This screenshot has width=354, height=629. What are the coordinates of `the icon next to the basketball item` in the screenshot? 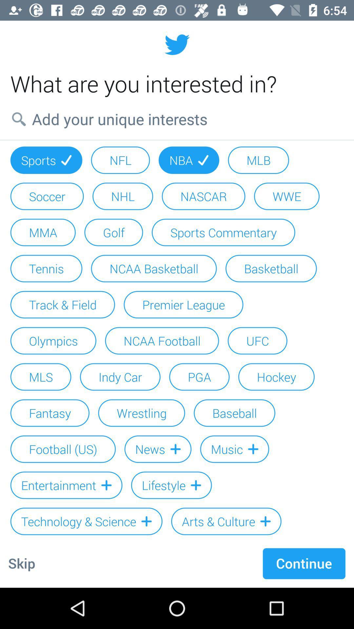 It's located at (154, 268).